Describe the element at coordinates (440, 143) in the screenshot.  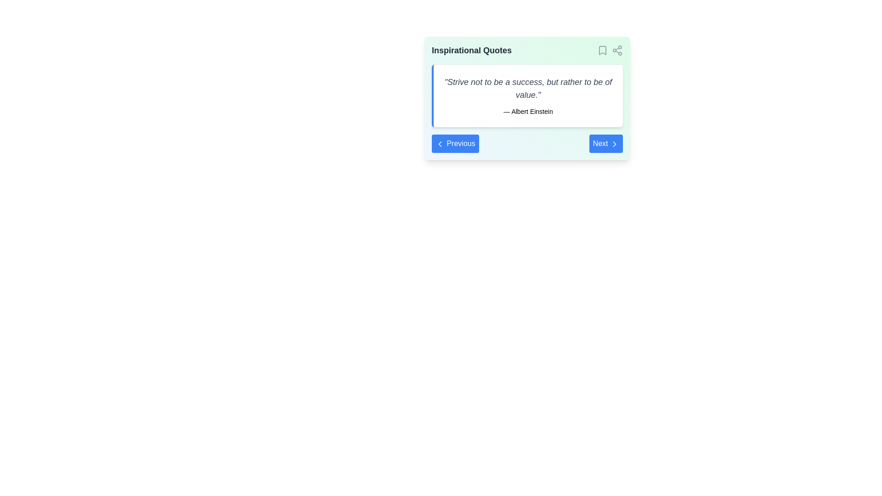
I see `the left-pointing chevron arrow vector graphic` at that location.